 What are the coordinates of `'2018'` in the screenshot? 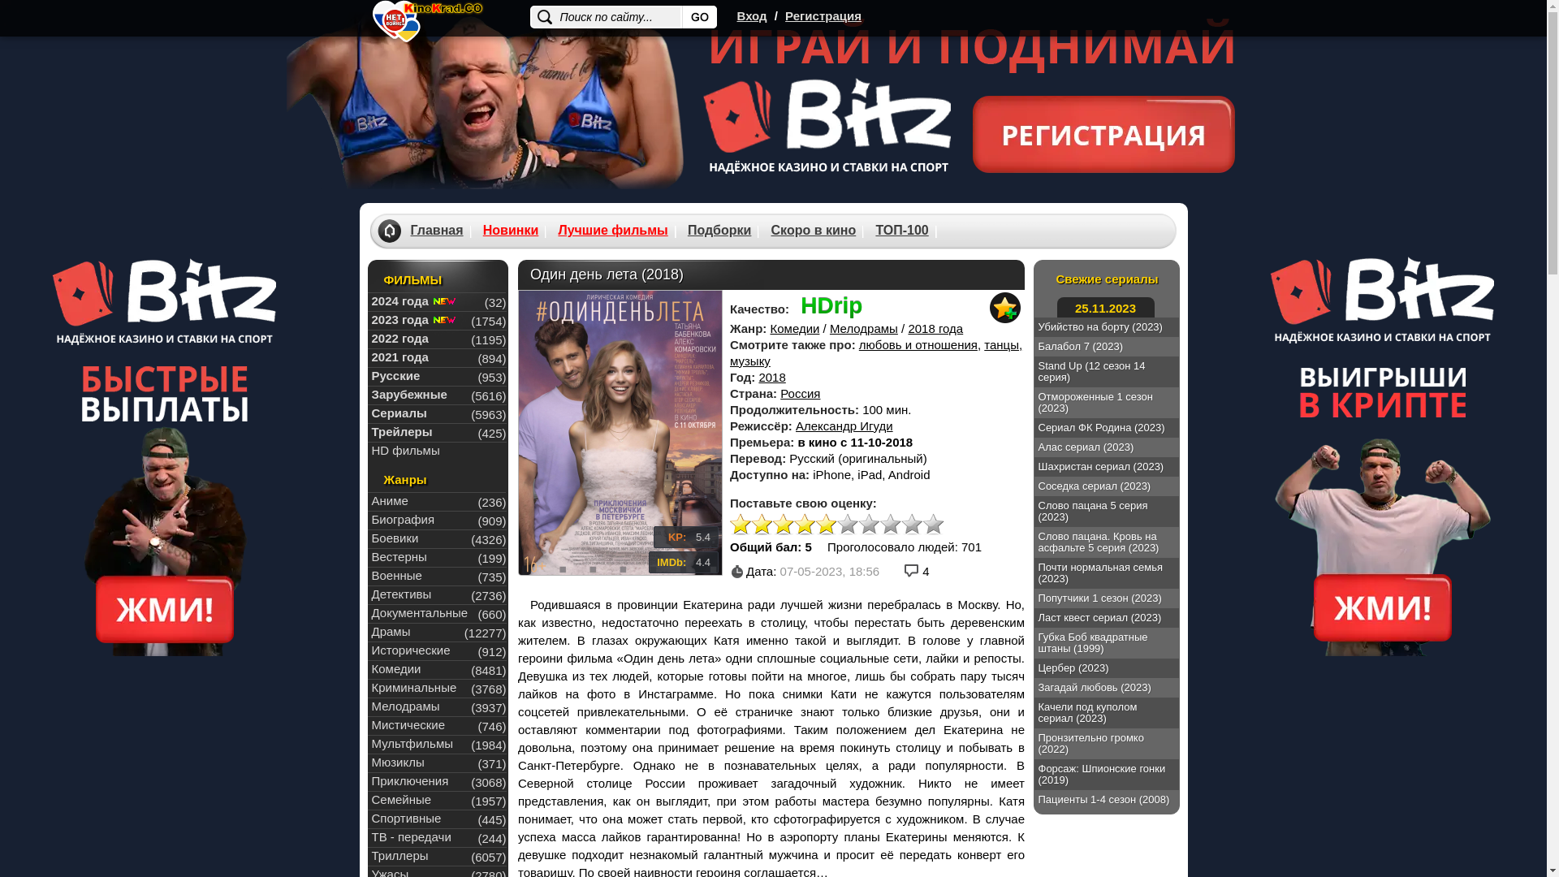 It's located at (771, 377).